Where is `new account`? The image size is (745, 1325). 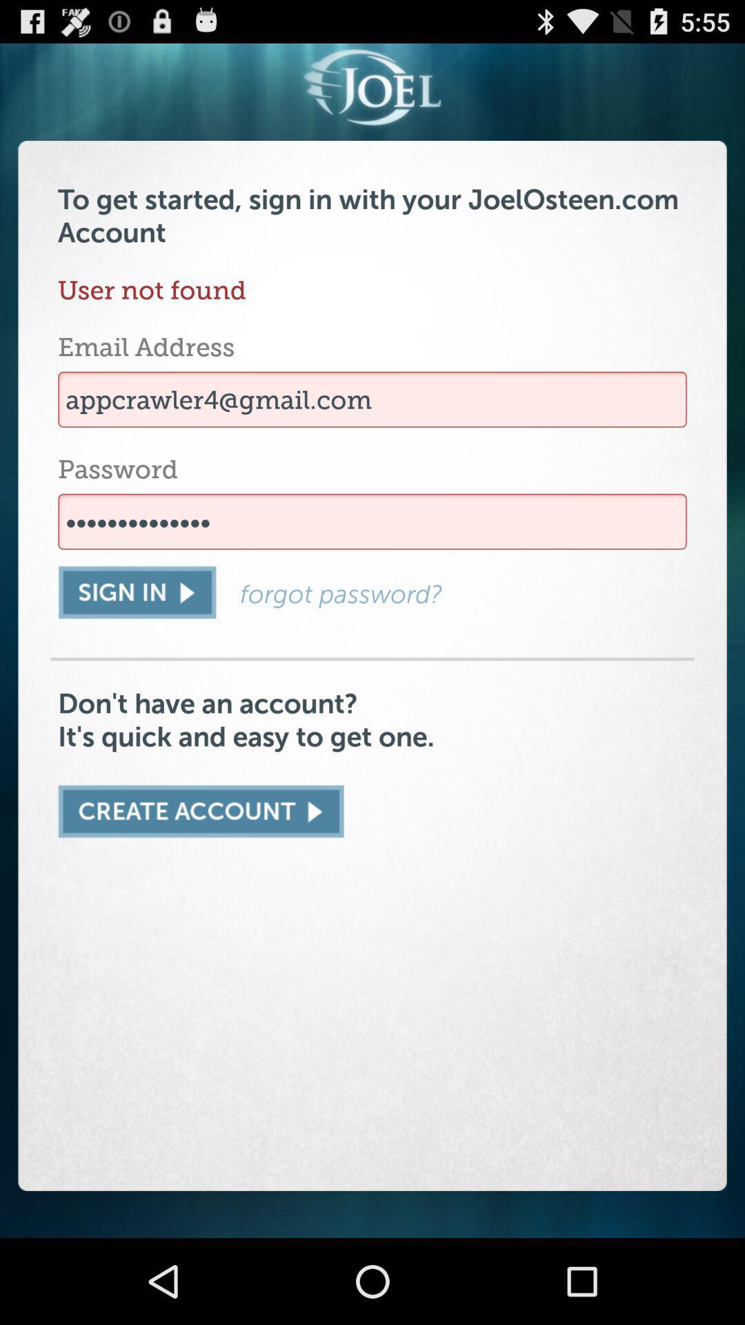 new account is located at coordinates (201, 812).